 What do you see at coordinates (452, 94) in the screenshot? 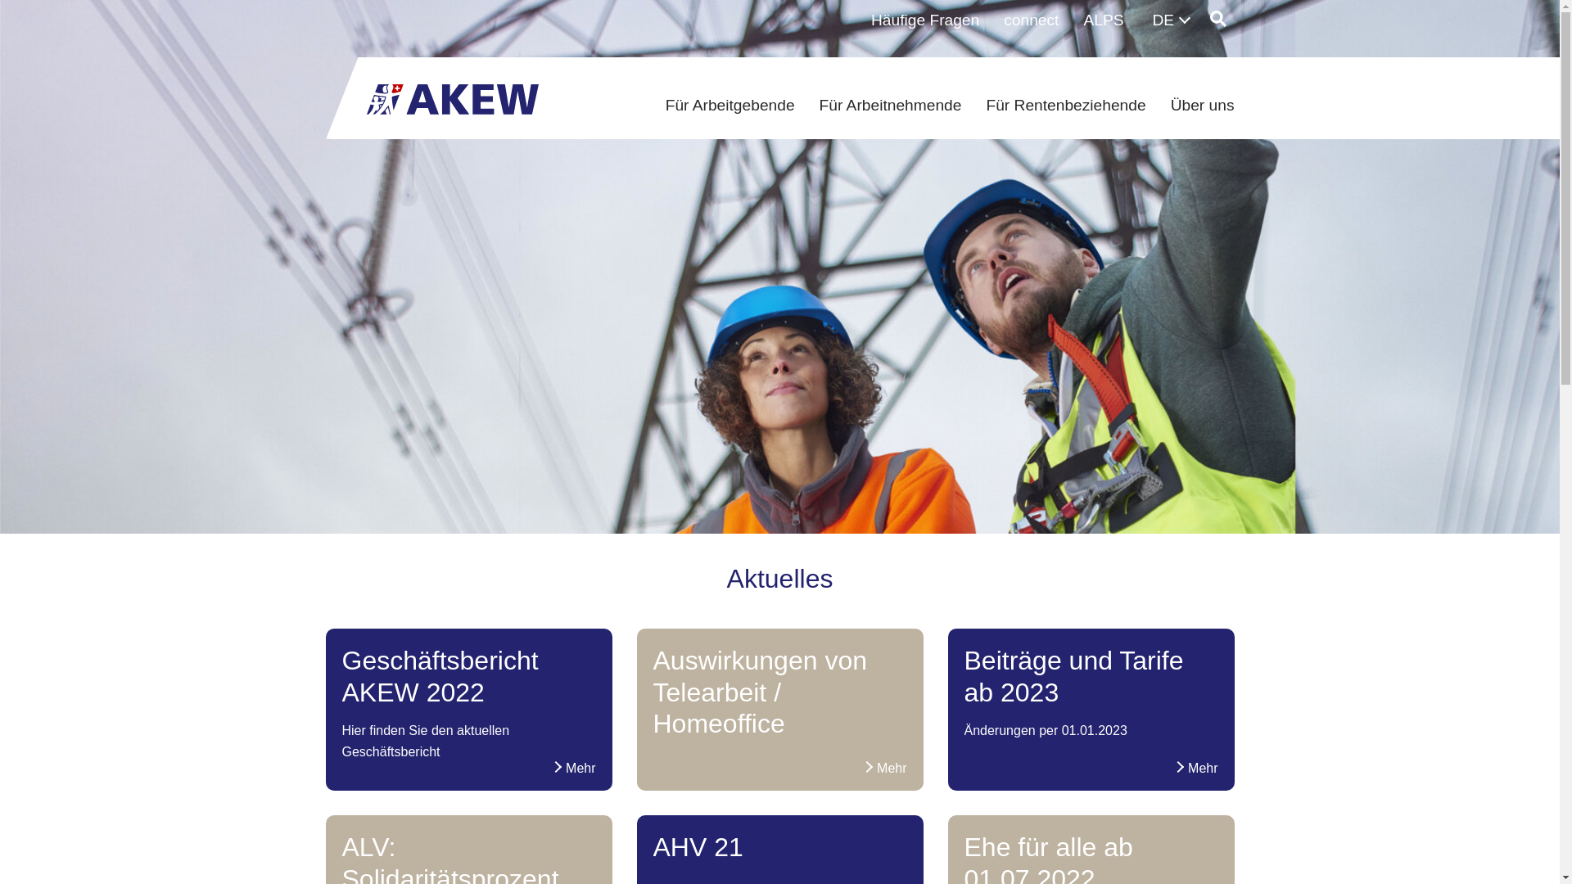
I see `'Home'` at bounding box center [452, 94].